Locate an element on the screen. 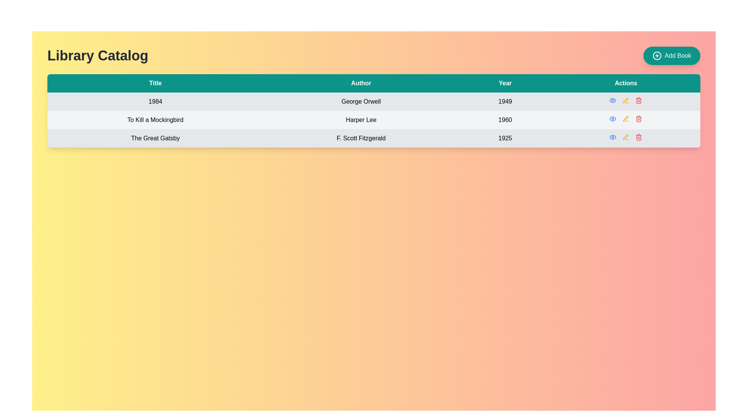 The width and height of the screenshot is (734, 413). the 'Actions' column header in the table, which is the fourth column header located in the top right quadrant is located at coordinates (626, 83).